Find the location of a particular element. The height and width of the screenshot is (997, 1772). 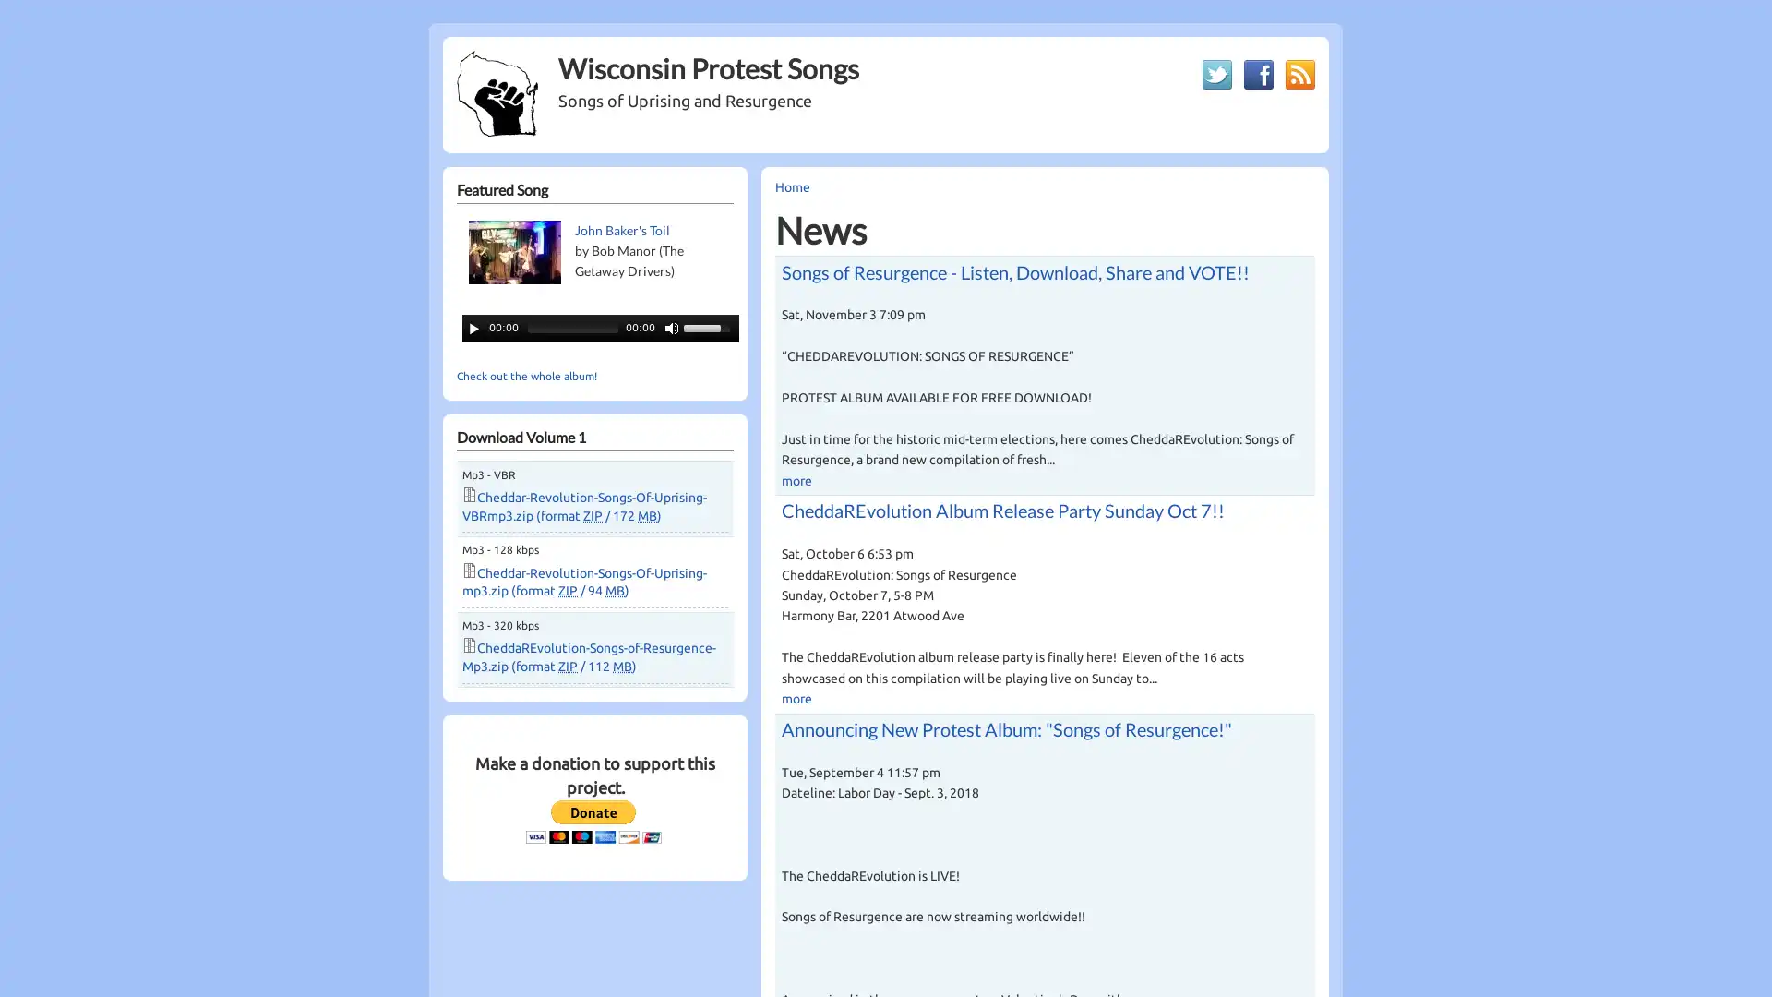

Play/Pause is located at coordinates (473, 326).